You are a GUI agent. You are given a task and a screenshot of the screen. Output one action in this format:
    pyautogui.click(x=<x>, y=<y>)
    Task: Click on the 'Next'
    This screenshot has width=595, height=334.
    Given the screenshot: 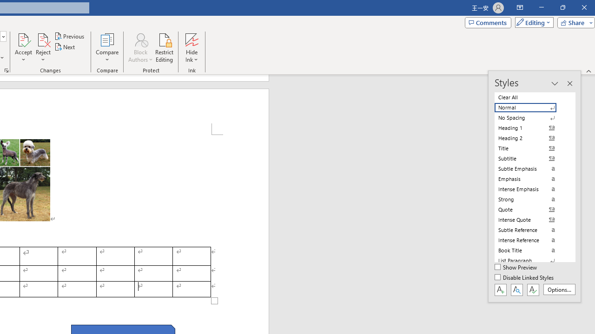 What is the action you would take?
    pyautogui.click(x=65, y=47)
    